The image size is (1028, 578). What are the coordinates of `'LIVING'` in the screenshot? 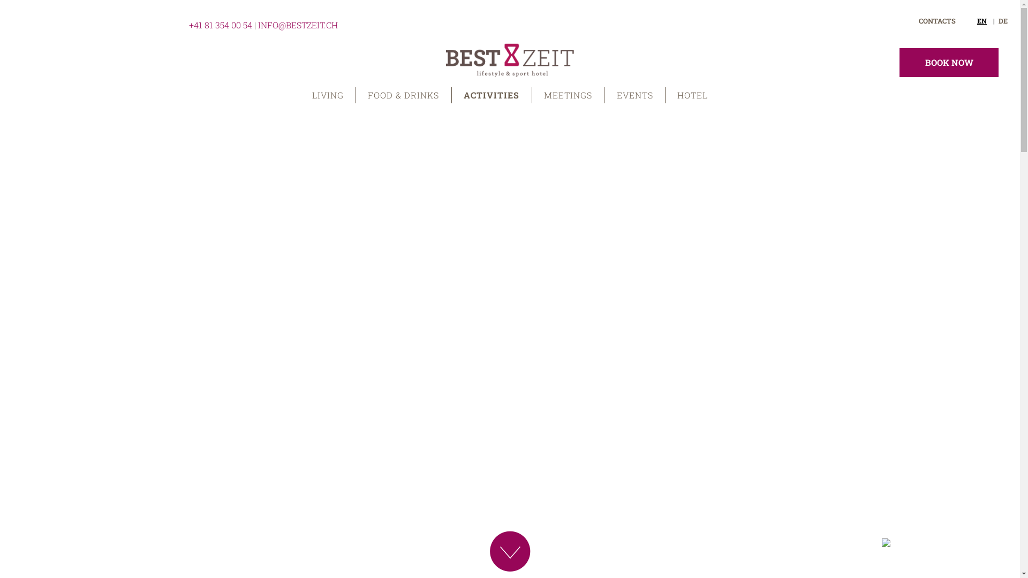 It's located at (300, 94).